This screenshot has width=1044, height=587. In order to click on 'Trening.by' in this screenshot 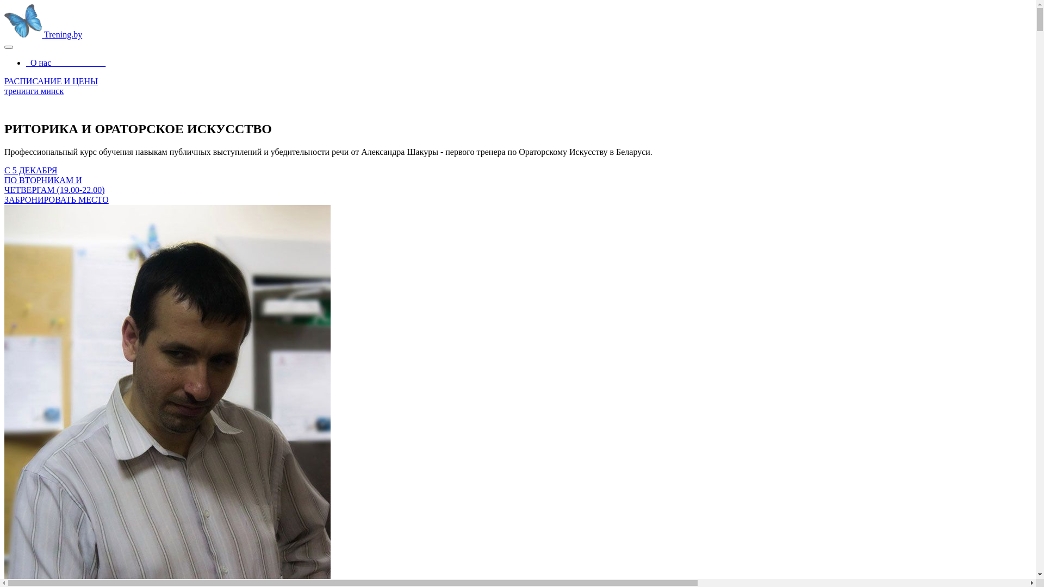, I will do `click(62, 34)`.